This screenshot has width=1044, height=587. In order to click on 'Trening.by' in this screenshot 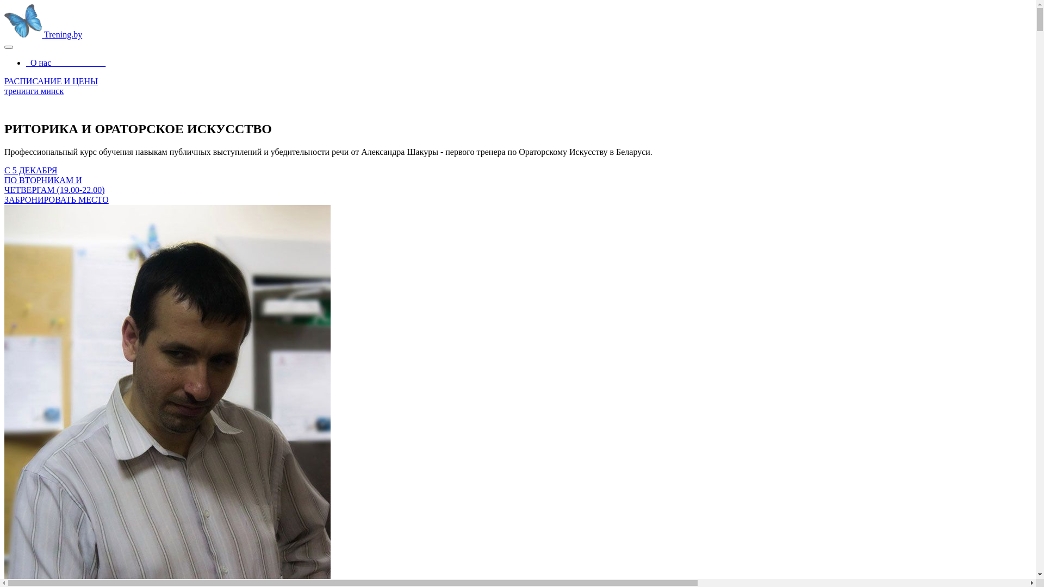, I will do `click(62, 34)`.